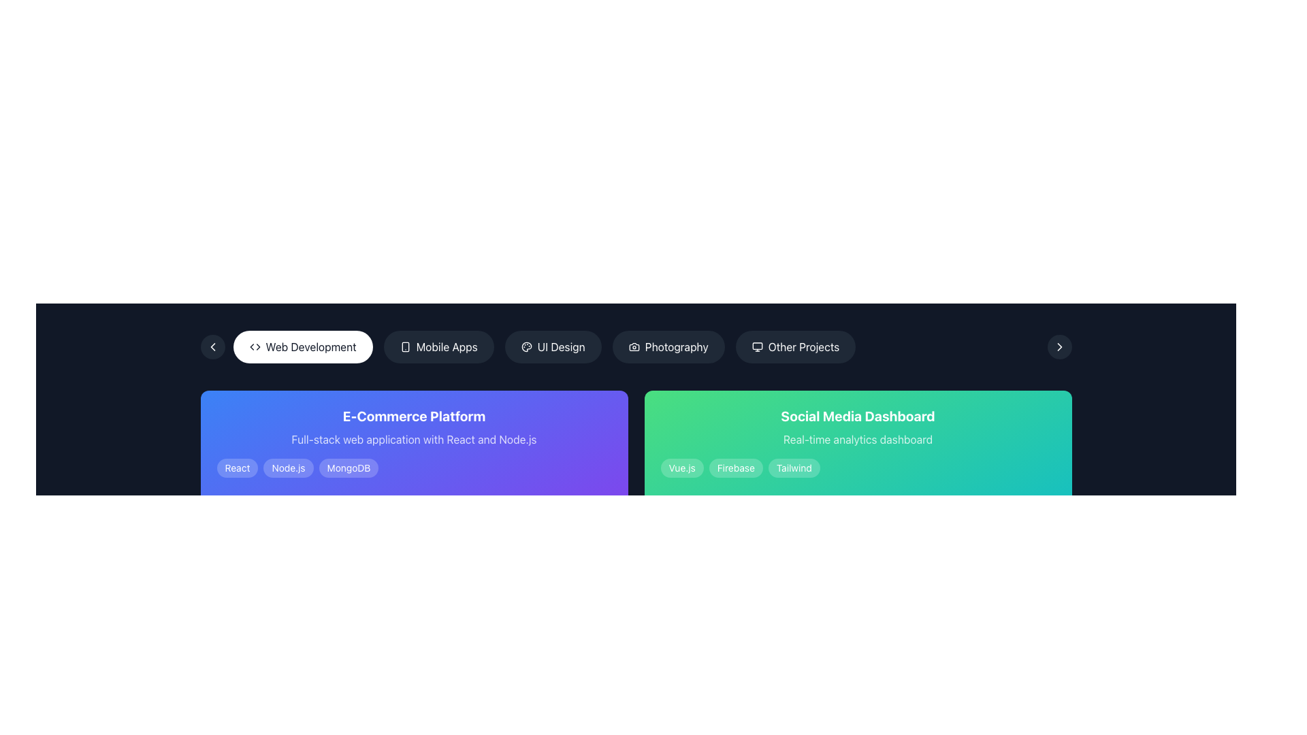 The image size is (1307, 735). Describe the element at coordinates (857, 439) in the screenshot. I see `text label located below the title 'Social Media Dashboard' in the second content card, which provides additional context about the card's content` at that location.